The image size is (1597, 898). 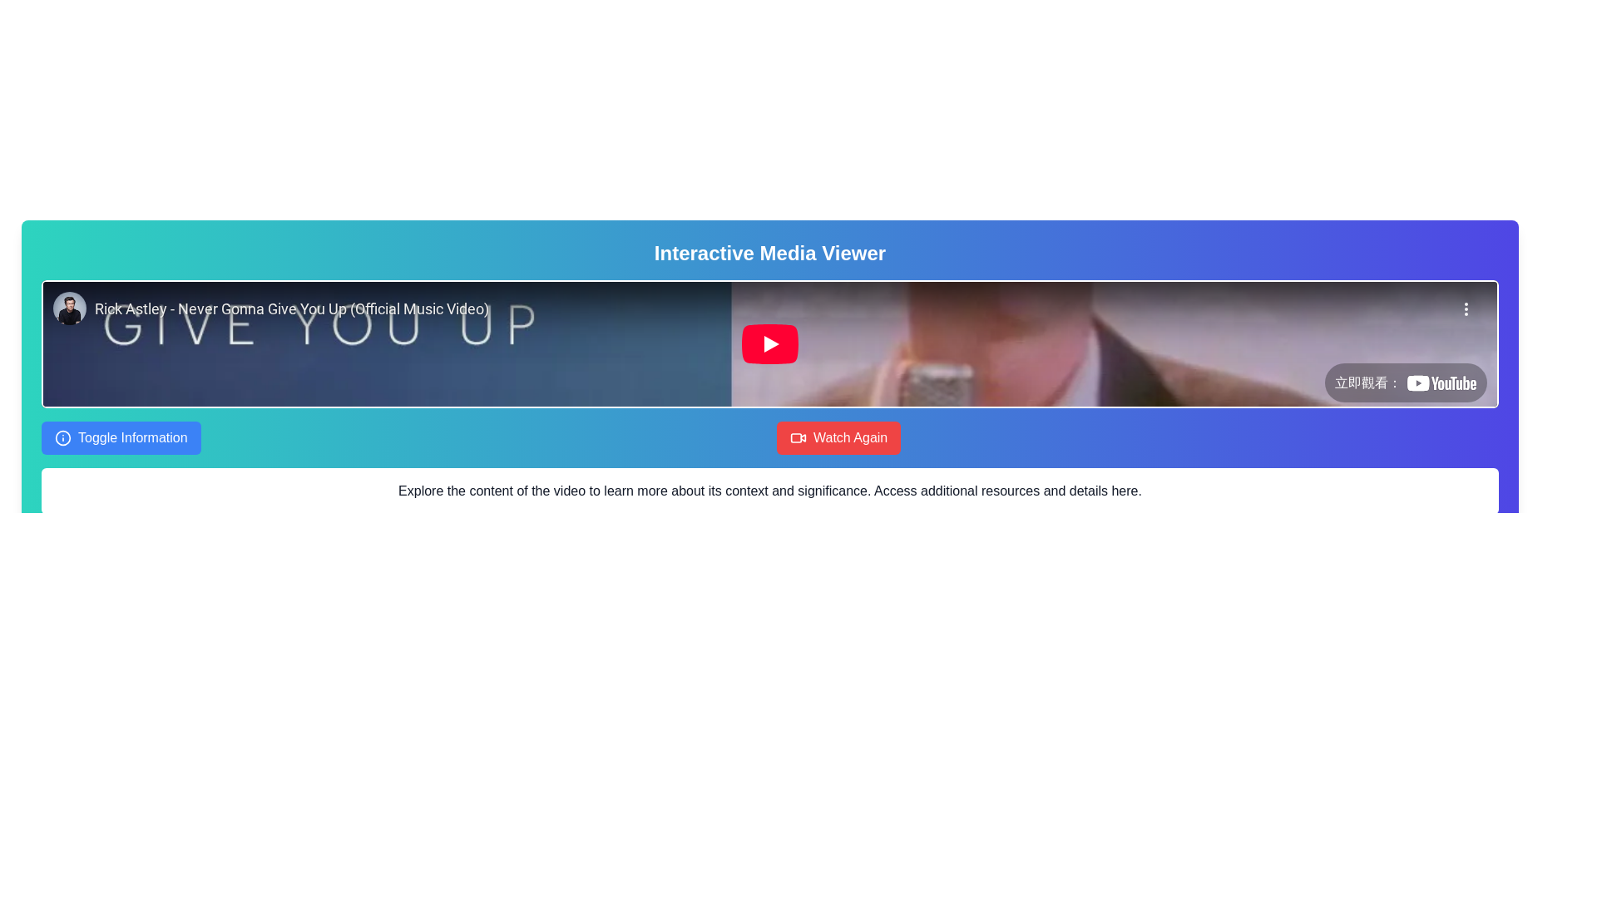 I want to click on the red rectangular button labeled 'Watch Again' with a video camera icon to restart the video, so click(x=838, y=437).